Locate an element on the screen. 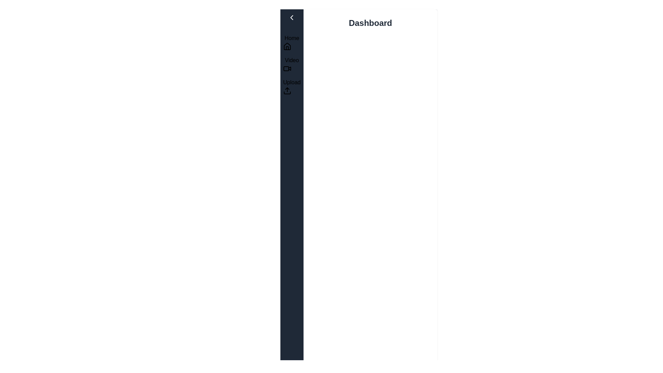 The width and height of the screenshot is (663, 373). the home navigation icon located in the sidebar, positioned right to the 'Home' label is located at coordinates (287, 46).